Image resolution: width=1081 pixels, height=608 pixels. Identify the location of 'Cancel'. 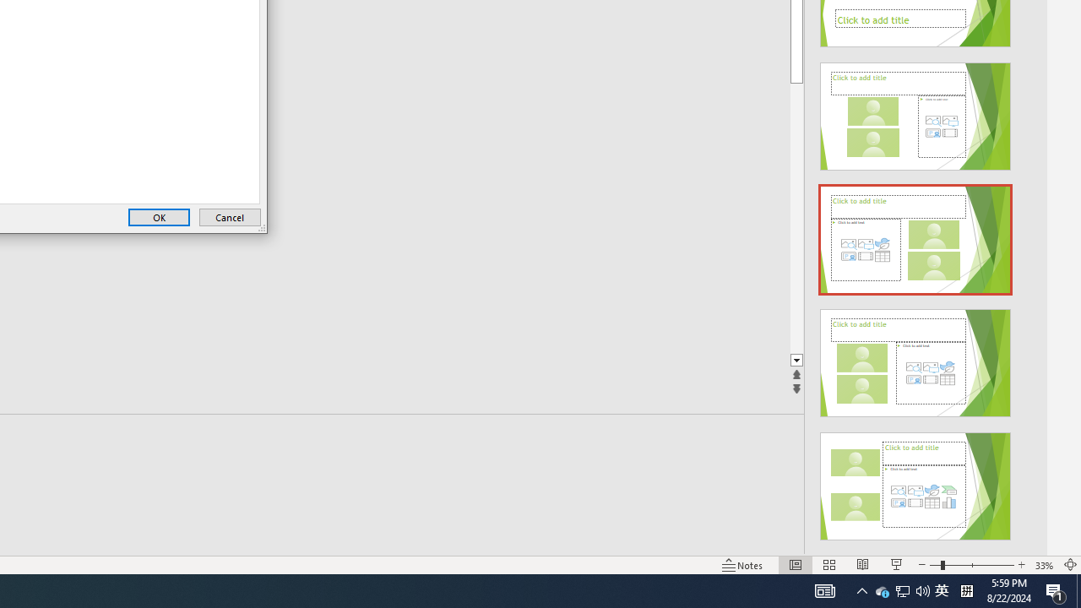
(229, 216).